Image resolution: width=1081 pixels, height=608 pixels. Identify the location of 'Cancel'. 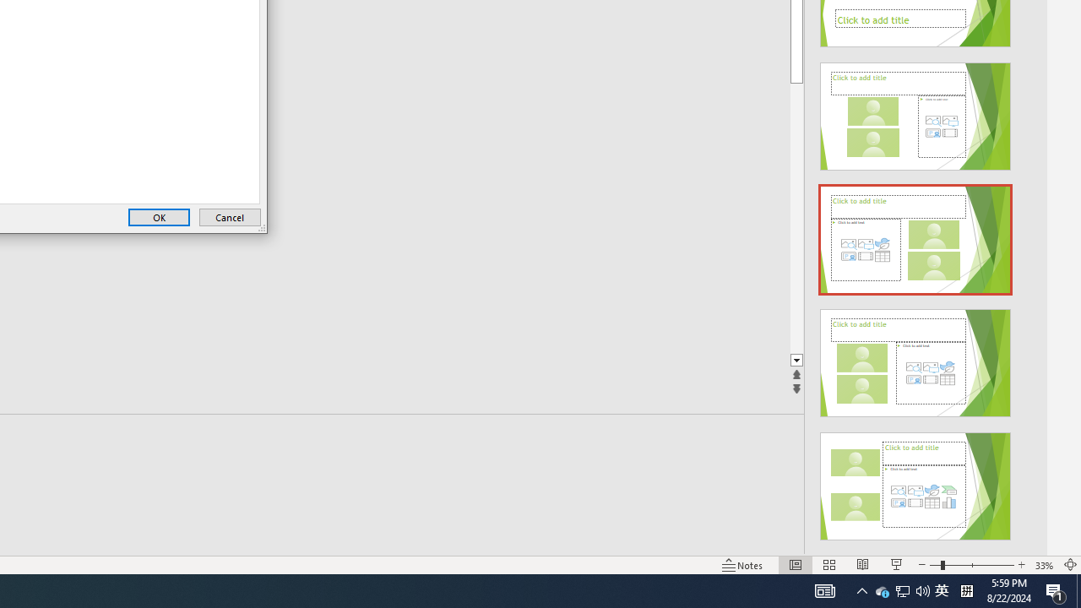
(229, 216).